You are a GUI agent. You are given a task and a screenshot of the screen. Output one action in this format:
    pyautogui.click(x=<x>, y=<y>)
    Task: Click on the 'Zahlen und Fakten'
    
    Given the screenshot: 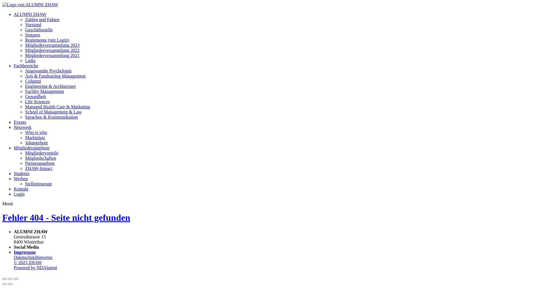 What is the action you would take?
    pyautogui.click(x=42, y=19)
    